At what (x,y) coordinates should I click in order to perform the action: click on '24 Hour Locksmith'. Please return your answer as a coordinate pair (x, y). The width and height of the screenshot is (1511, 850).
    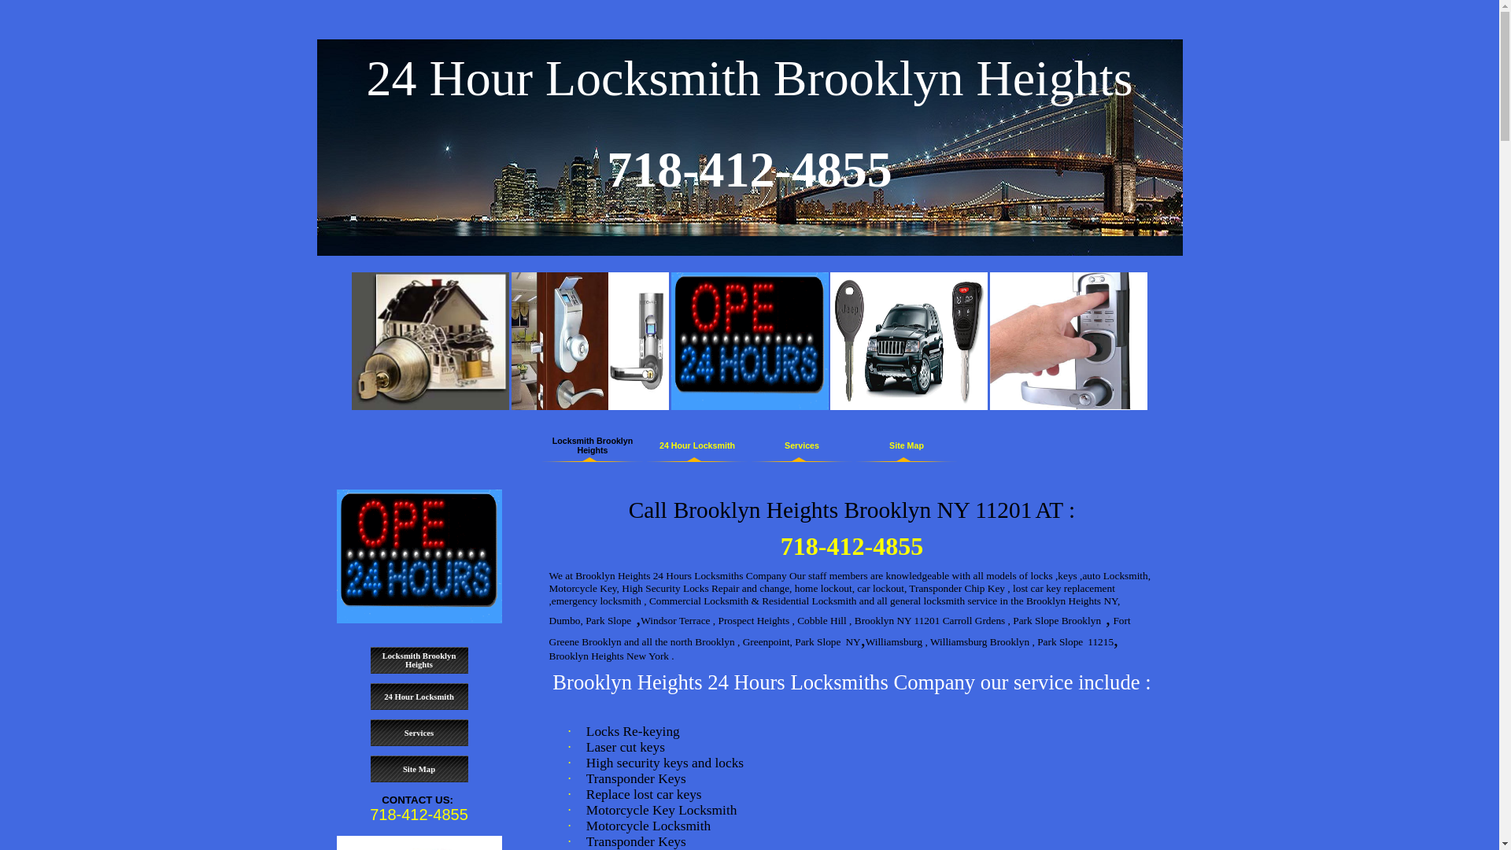
    Looking at the image, I should click on (419, 696).